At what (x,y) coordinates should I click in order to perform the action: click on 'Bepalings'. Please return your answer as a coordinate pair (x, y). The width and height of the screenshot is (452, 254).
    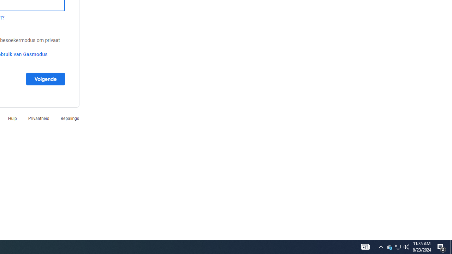
    Looking at the image, I should click on (70, 118).